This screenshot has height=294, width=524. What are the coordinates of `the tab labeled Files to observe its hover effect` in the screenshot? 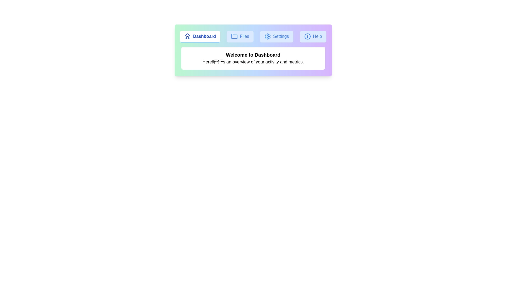 It's located at (240, 37).